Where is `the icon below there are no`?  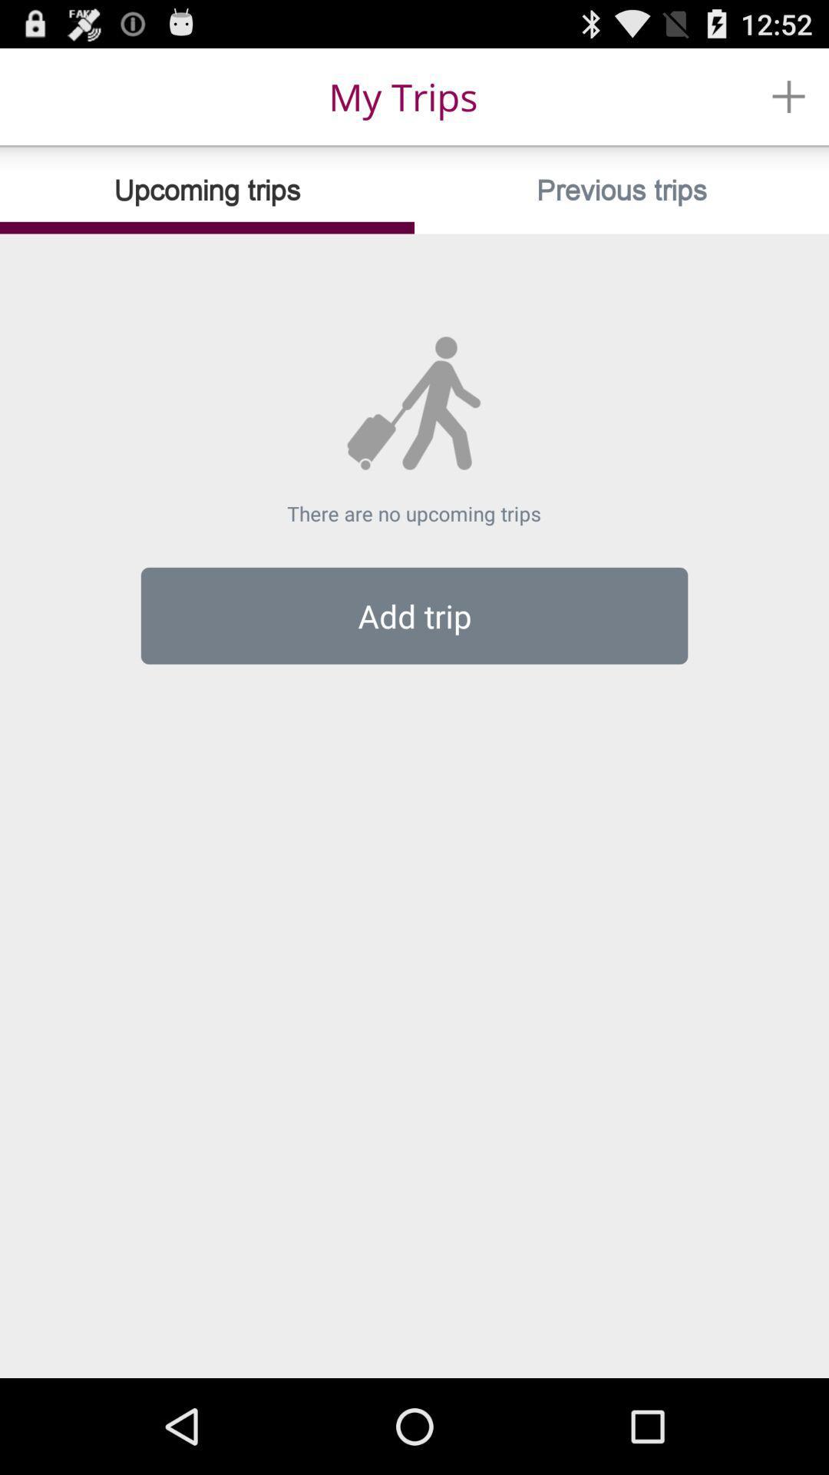 the icon below there are no is located at coordinates (414, 615).